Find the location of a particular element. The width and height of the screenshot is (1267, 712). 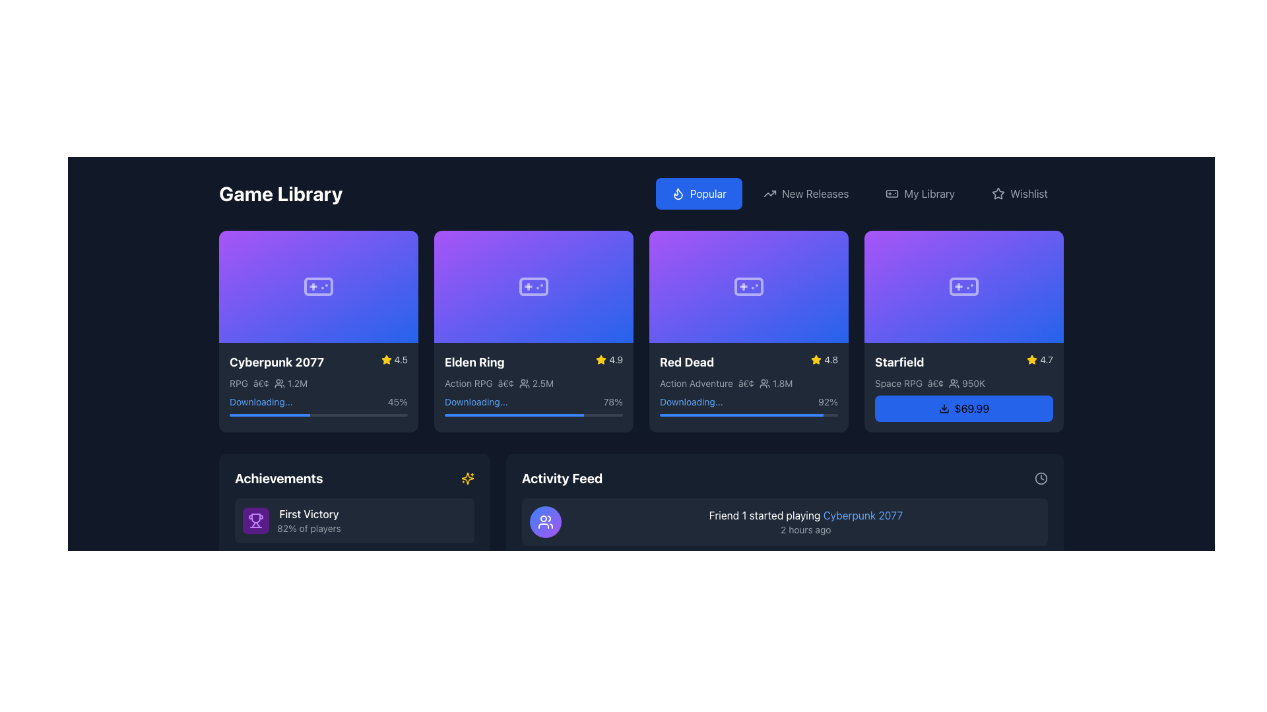

the decorative icon centered in the header section of the first game card in the grid layout is located at coordinates (319, 285).